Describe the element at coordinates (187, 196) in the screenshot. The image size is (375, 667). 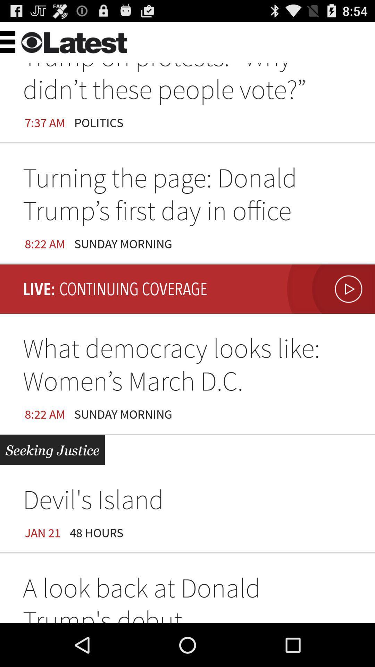
I see `icon above 8:22 am icon` at that location.